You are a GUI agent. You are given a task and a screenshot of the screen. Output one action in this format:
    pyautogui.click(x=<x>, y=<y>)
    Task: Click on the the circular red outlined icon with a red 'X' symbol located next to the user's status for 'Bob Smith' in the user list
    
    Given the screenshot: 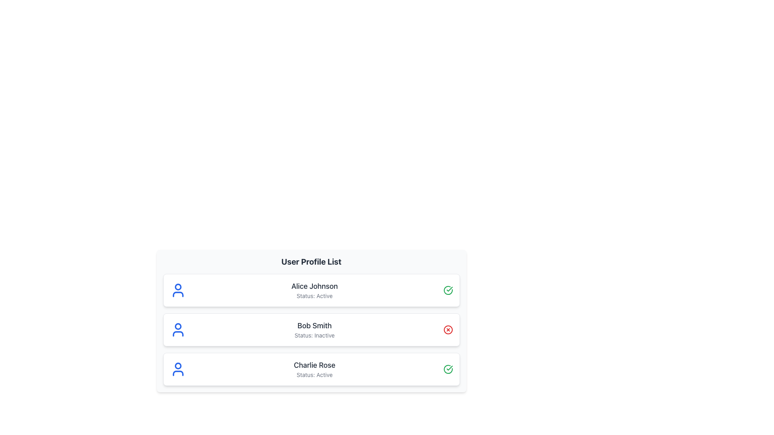 What is the action you would take?
    pyautogui.click(x=447, y=329)
    